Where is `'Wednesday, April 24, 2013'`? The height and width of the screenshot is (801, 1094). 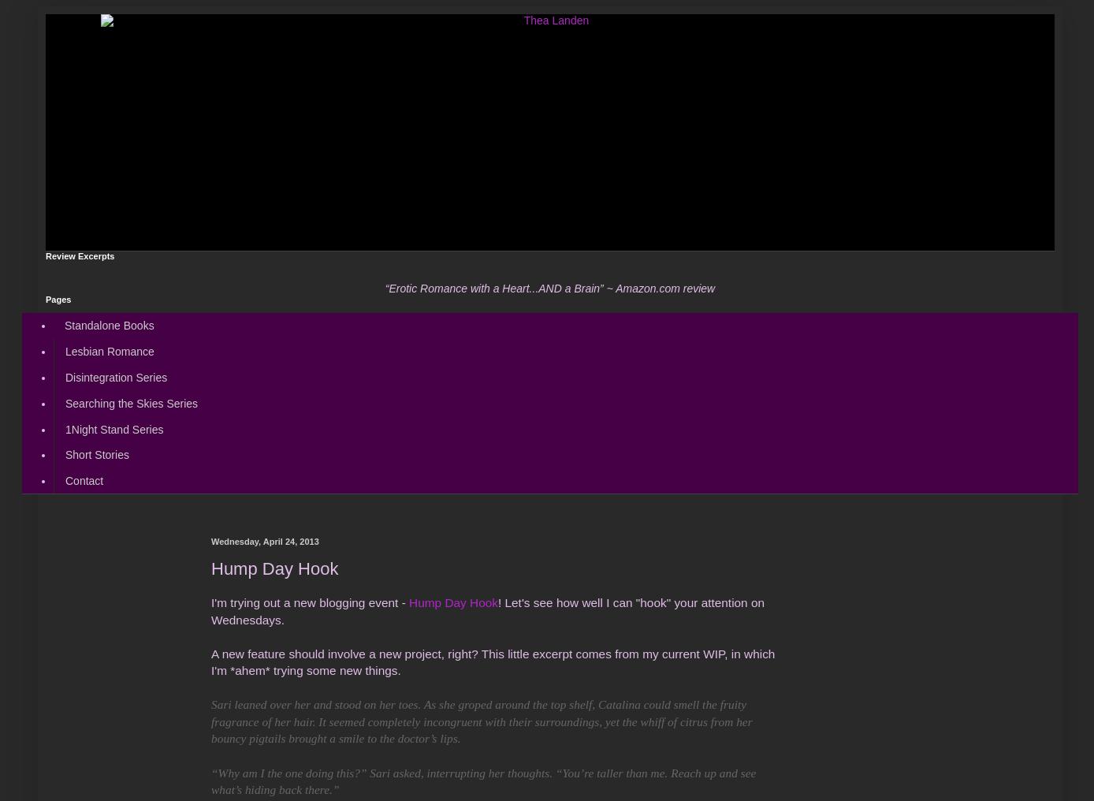 'Wednesday, April 24, 2013' is located at coordinates (264, 540).